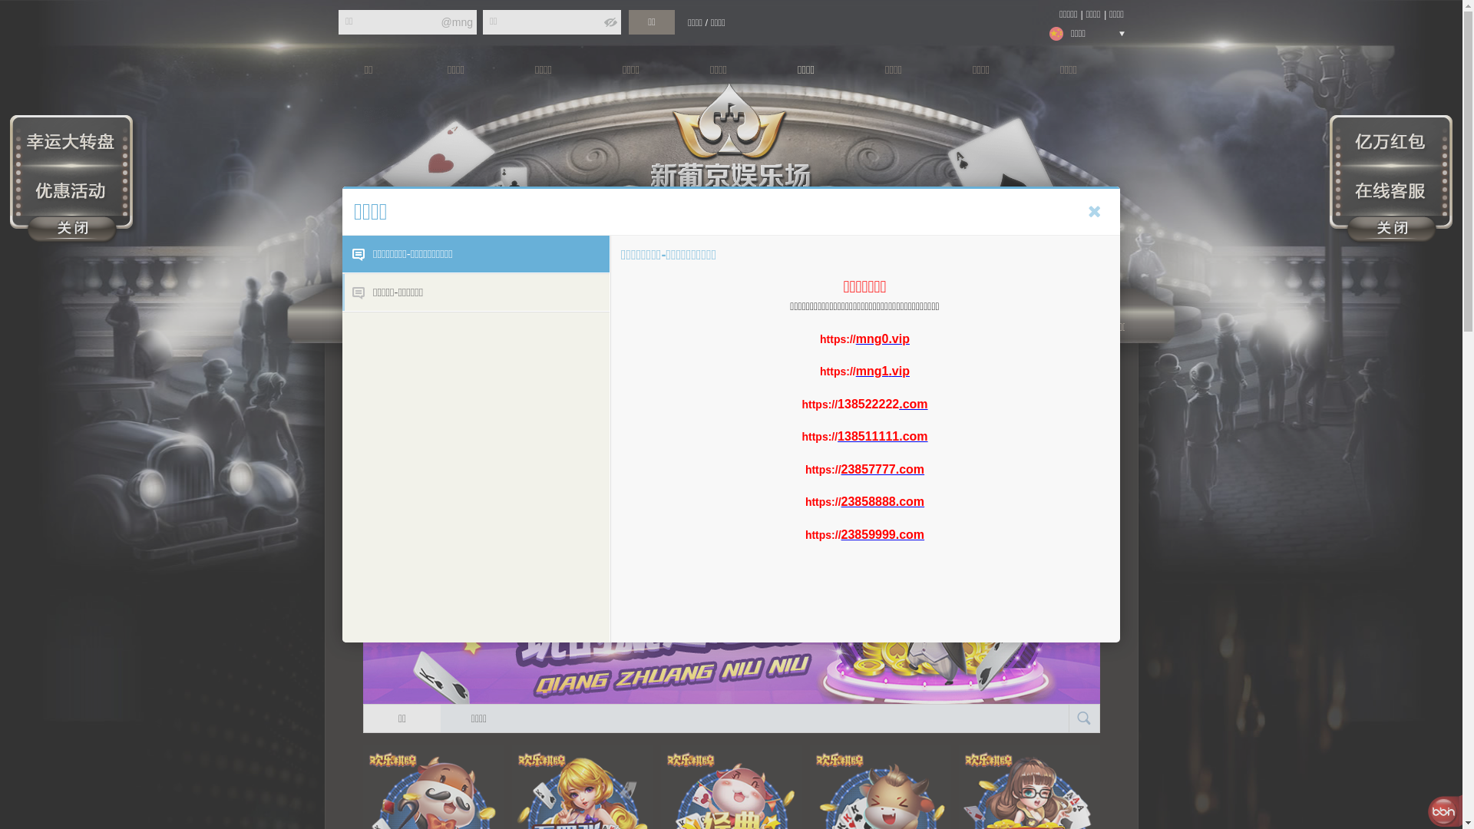 This screenshot has height=829, width=1474. What do you see at coordinates (872, 371) in the screenshot?
I see `'mng1'` at bounding box center [872, 371].